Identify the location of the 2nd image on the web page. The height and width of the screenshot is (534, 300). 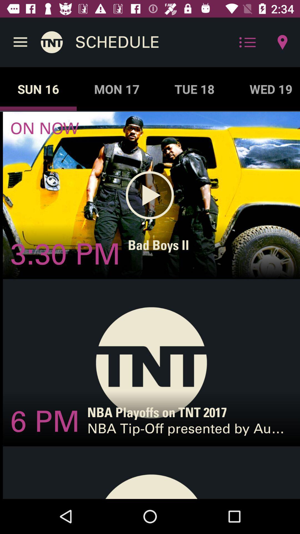
(151, 363).